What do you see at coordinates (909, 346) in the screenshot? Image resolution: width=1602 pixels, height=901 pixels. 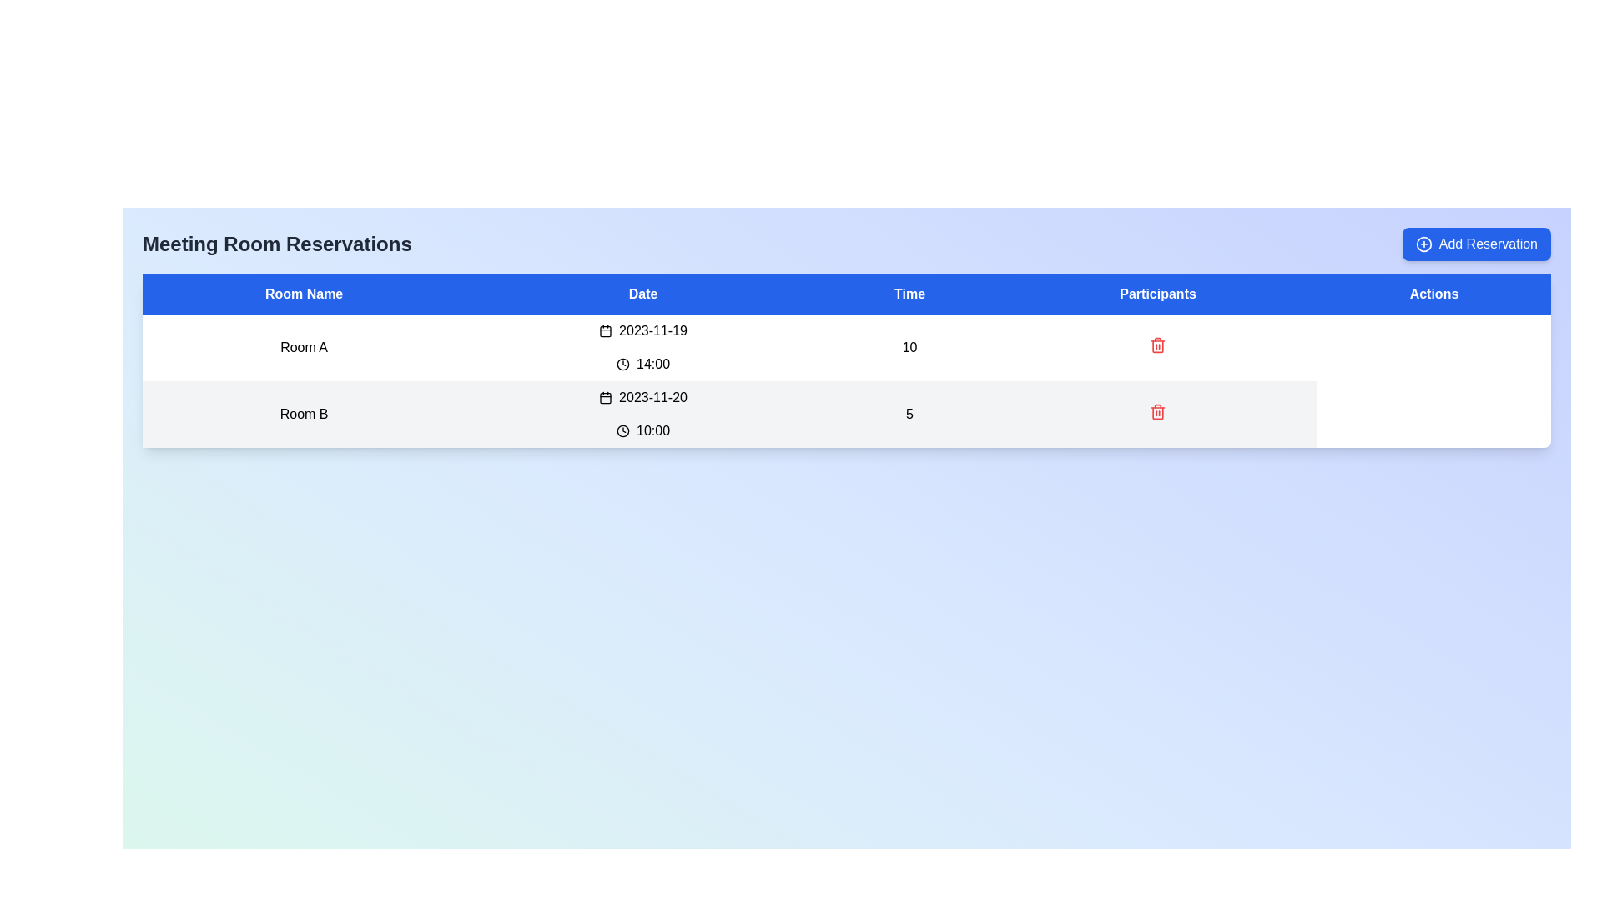 I see `the Text Label displaying the numerical value '10' in the 'Participants' column of the first row for 'Room A'` at bounding box center [909, 346].